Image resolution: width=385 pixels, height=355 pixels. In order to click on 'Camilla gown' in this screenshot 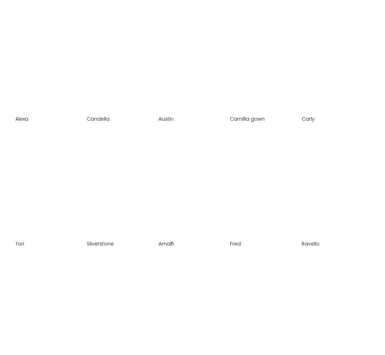, I will do `click(247, 118)`.